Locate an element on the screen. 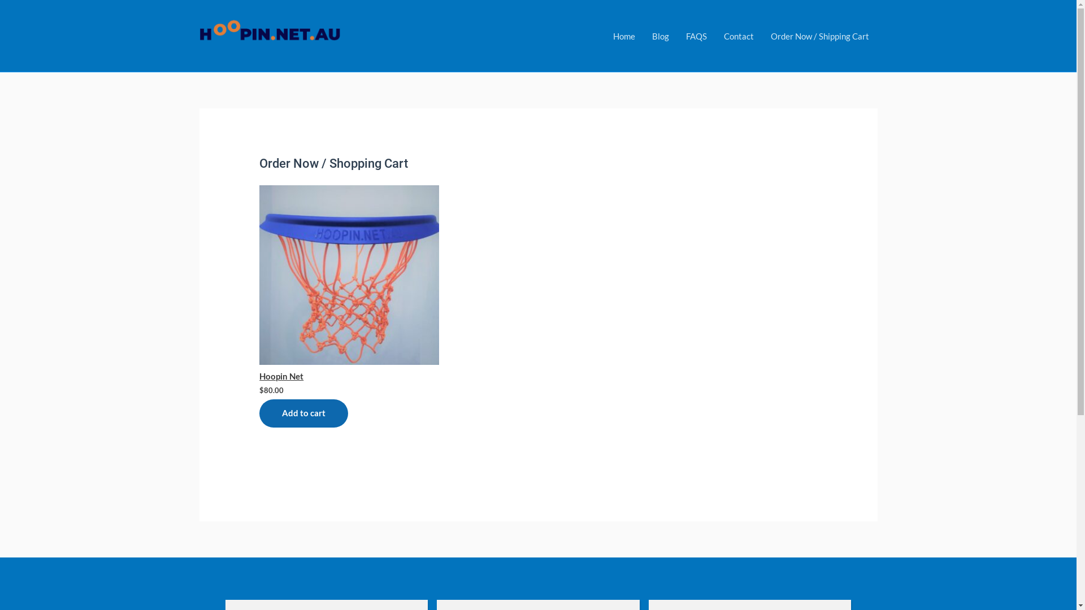 The image size is (1085, 610). 'Hoopin Net' is located at coordinates (349, 282).